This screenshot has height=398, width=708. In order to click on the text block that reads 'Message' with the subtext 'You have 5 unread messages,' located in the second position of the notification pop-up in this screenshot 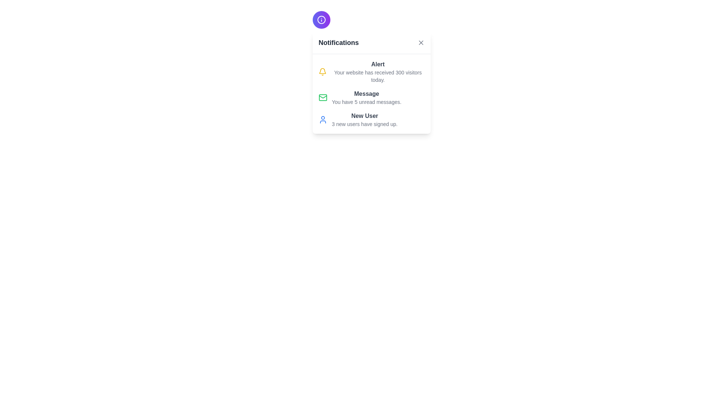, I will do `click(367, 97)`.